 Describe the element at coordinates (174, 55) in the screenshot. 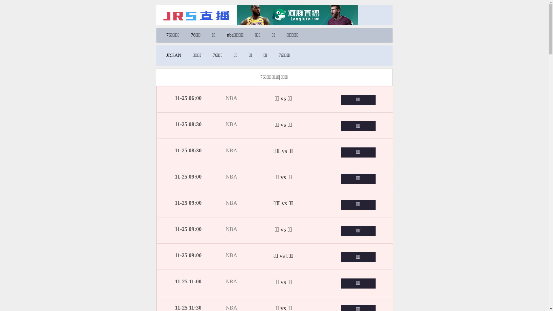

I see `'JRKAN'` at that location.